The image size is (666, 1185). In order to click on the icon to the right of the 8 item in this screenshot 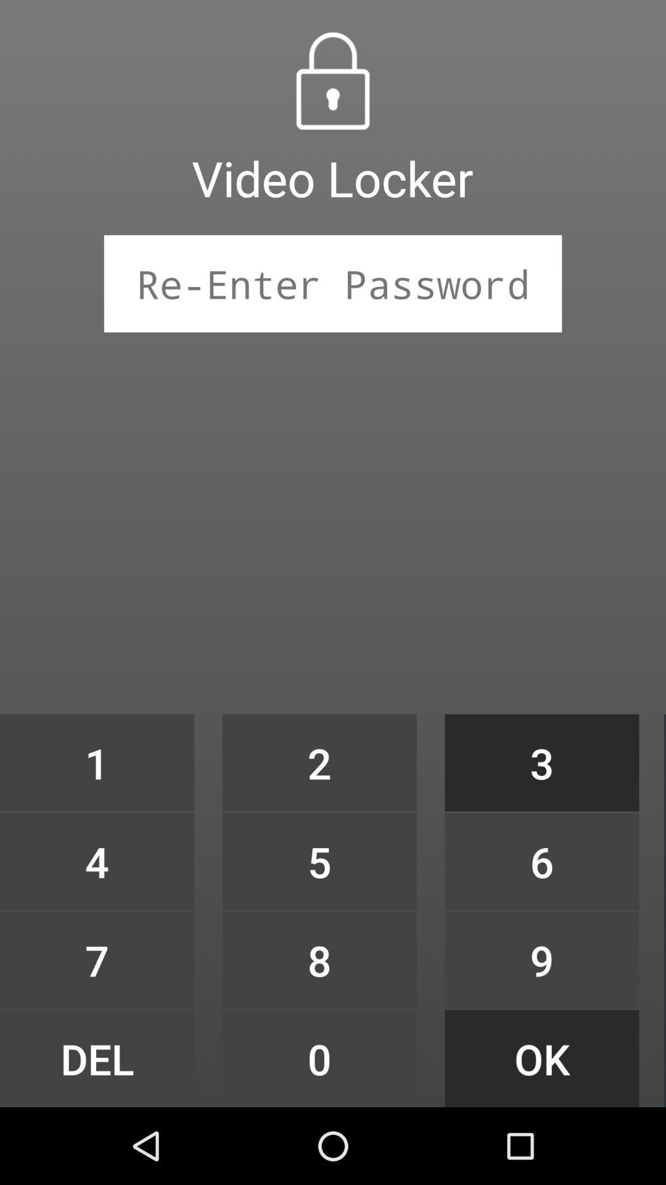, I will do `click(541, 1058)`.